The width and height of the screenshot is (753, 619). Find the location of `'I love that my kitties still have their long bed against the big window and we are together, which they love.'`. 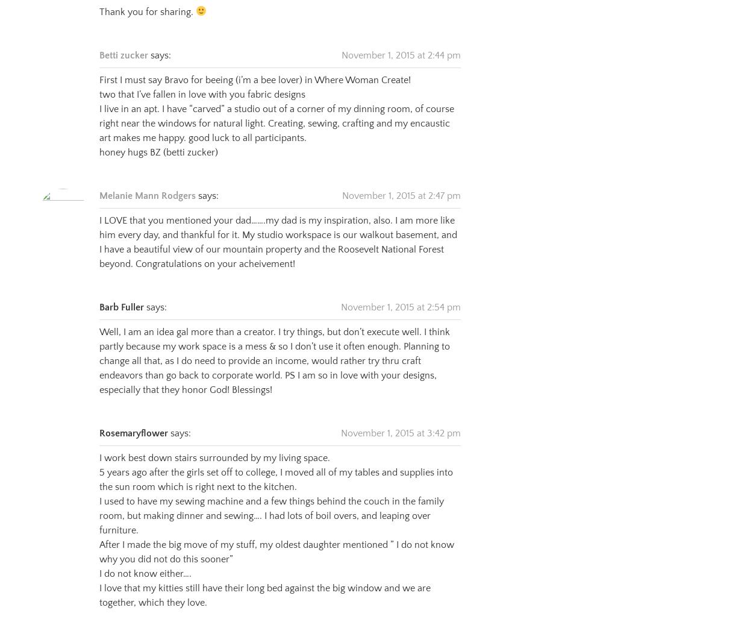

'I love that my kitties still have their long bed against the big window and we are together, which they love.' is located at coordinates (264, 580).